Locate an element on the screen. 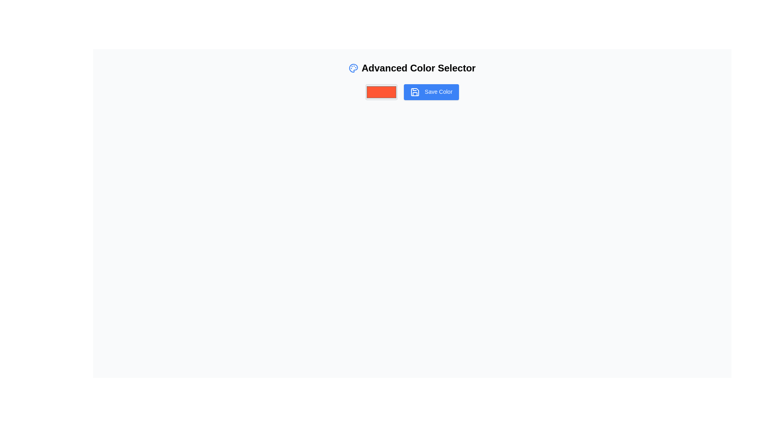  the advanced color selector icon located to the left of the 'Advanced Color Selector' text is located at coordinates (353, 67).